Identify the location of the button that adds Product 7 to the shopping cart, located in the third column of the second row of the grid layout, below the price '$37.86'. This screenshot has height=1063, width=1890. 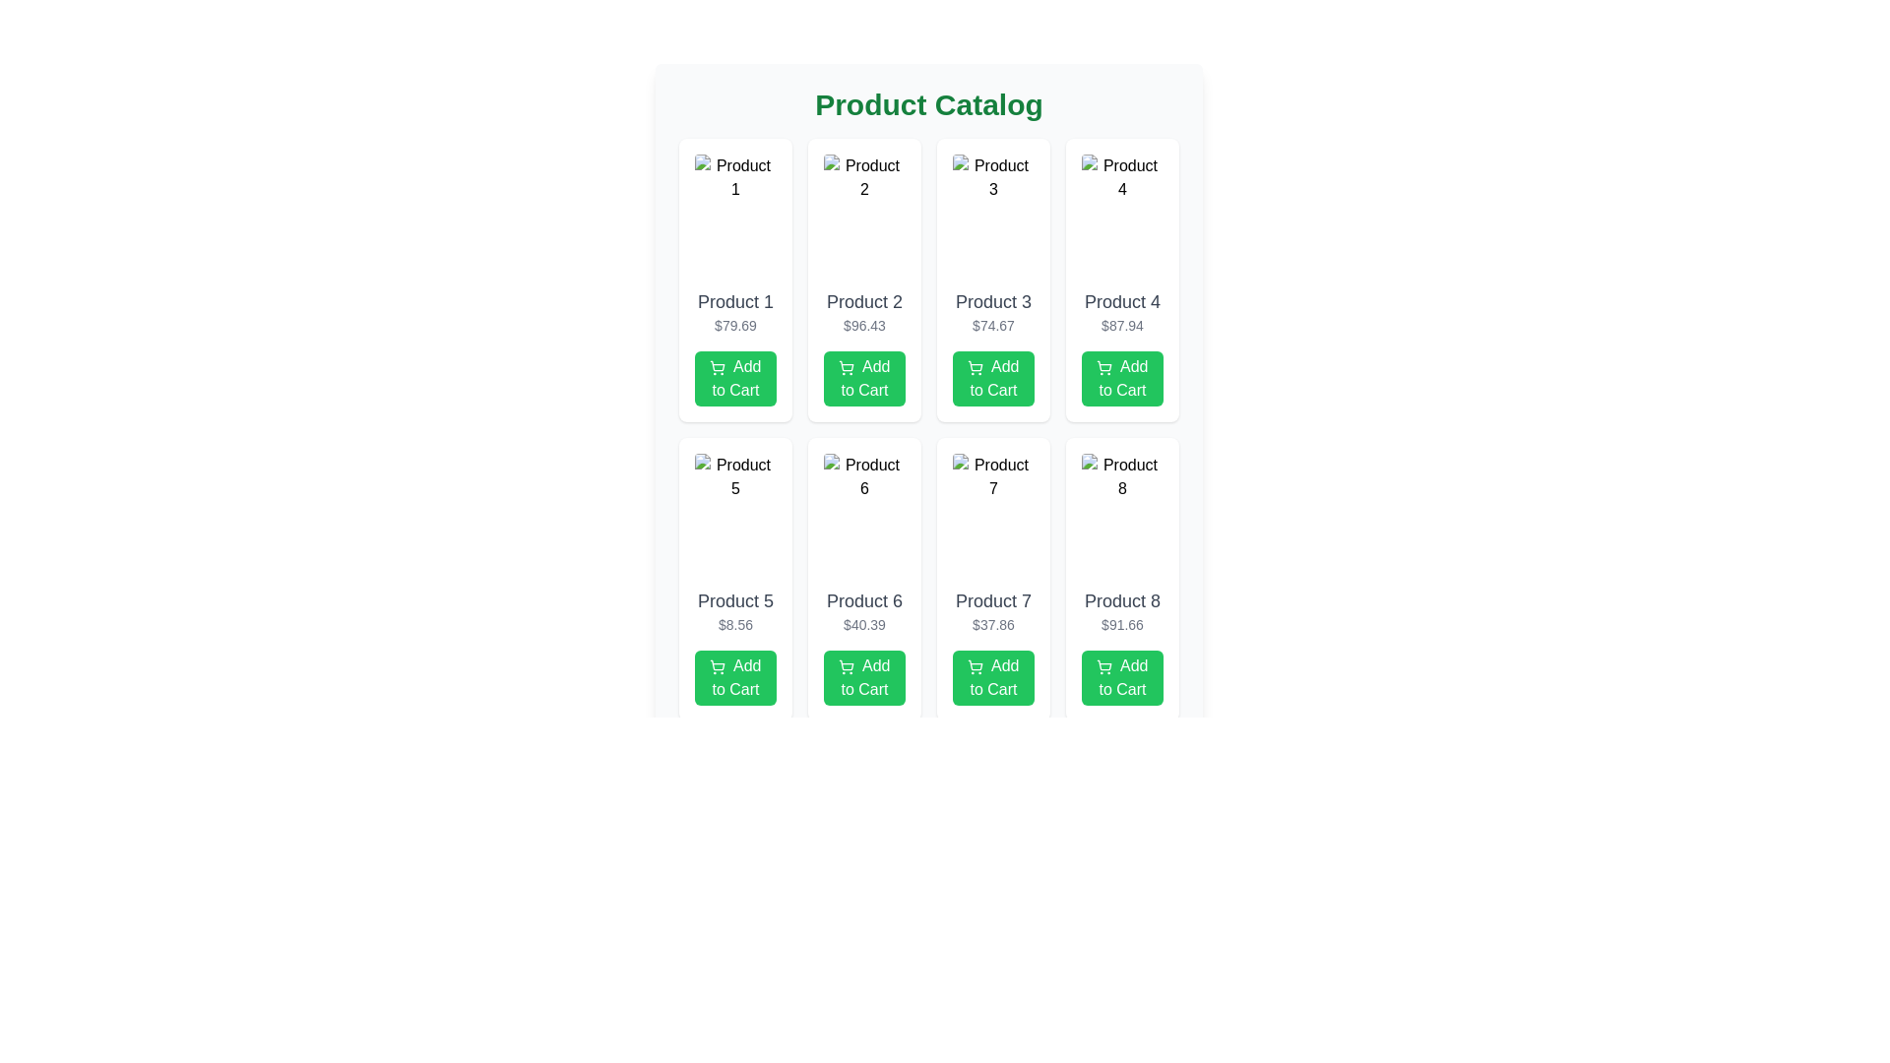
(993, 677).